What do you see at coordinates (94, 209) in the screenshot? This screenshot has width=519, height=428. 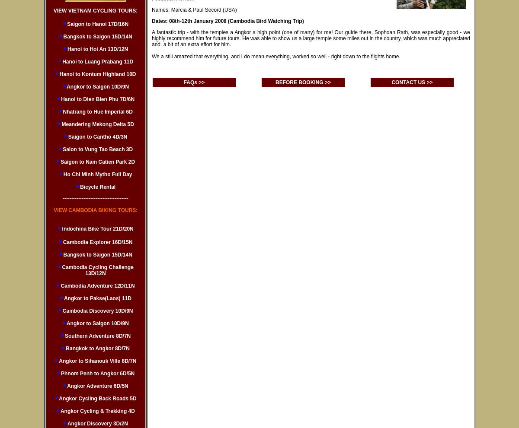 I see `'VIEW CAMBODIA BIKING TOURS'` at bounding box center [94, 209].